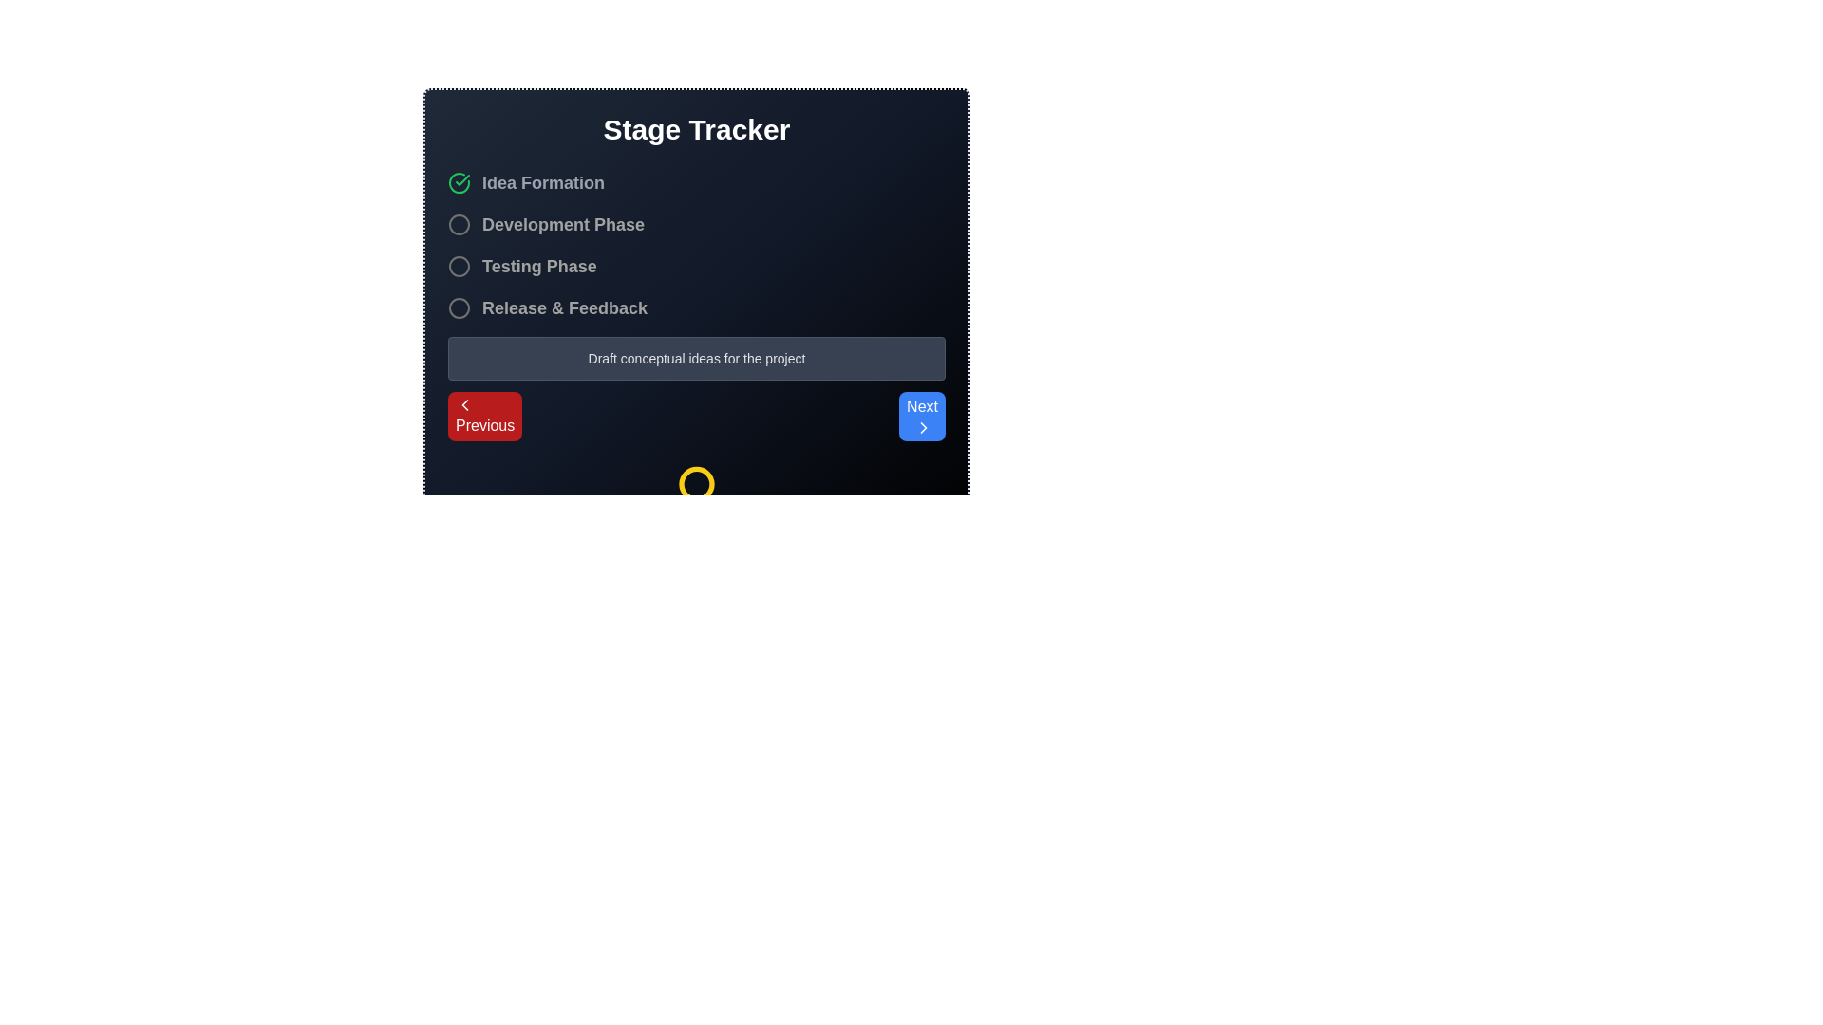  Describe the element at coordinates (696, 223) in the screenshot. I see `the 'Development Phase' stage element, which is the second item in the vertical stage tracker list, positioned below 'Idea Formation' and above 'Testing Phase'` at that location.